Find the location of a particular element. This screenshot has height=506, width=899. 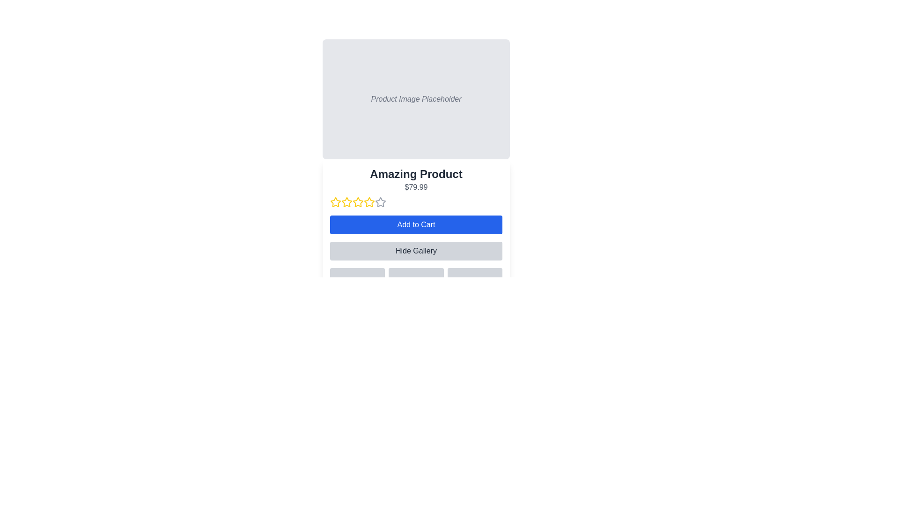

the first star icon in the star rating system, located below the product details labeled 'Amazing Product $79.99' is located at coordinates (335, 202).